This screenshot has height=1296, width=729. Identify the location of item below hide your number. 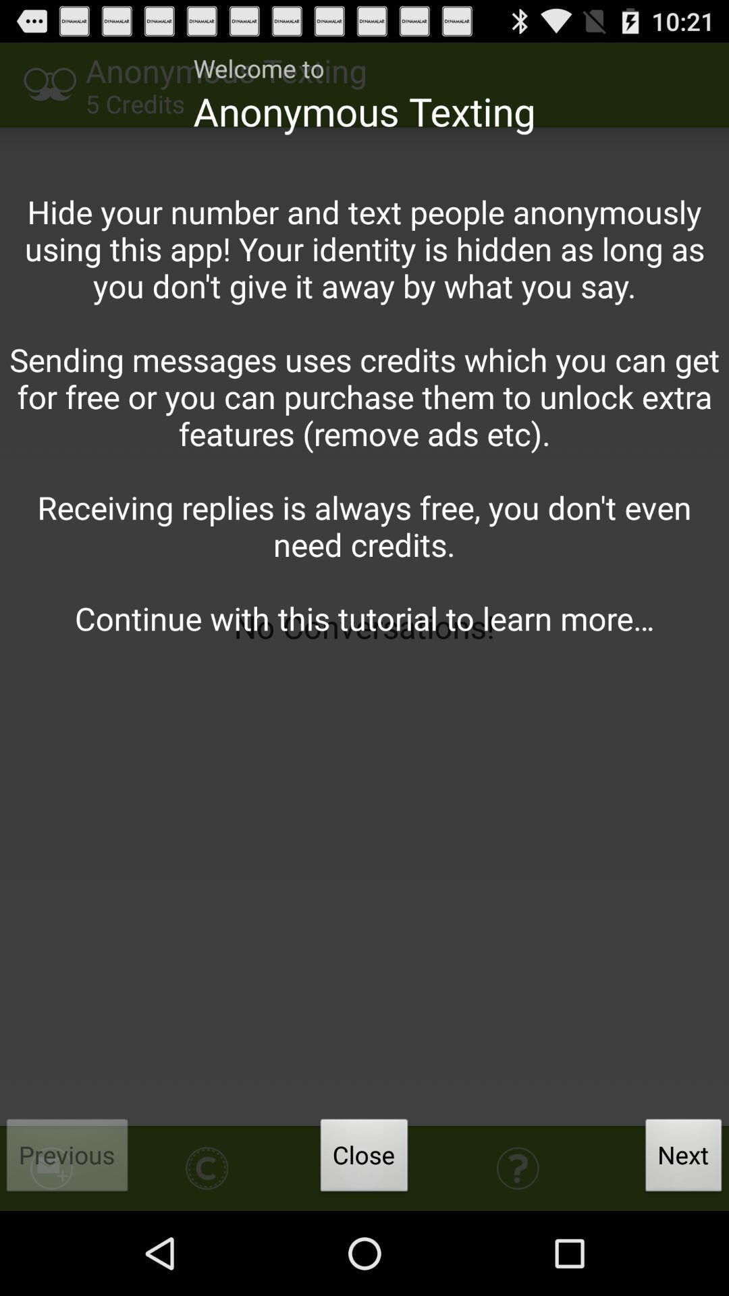
(364, 1158).